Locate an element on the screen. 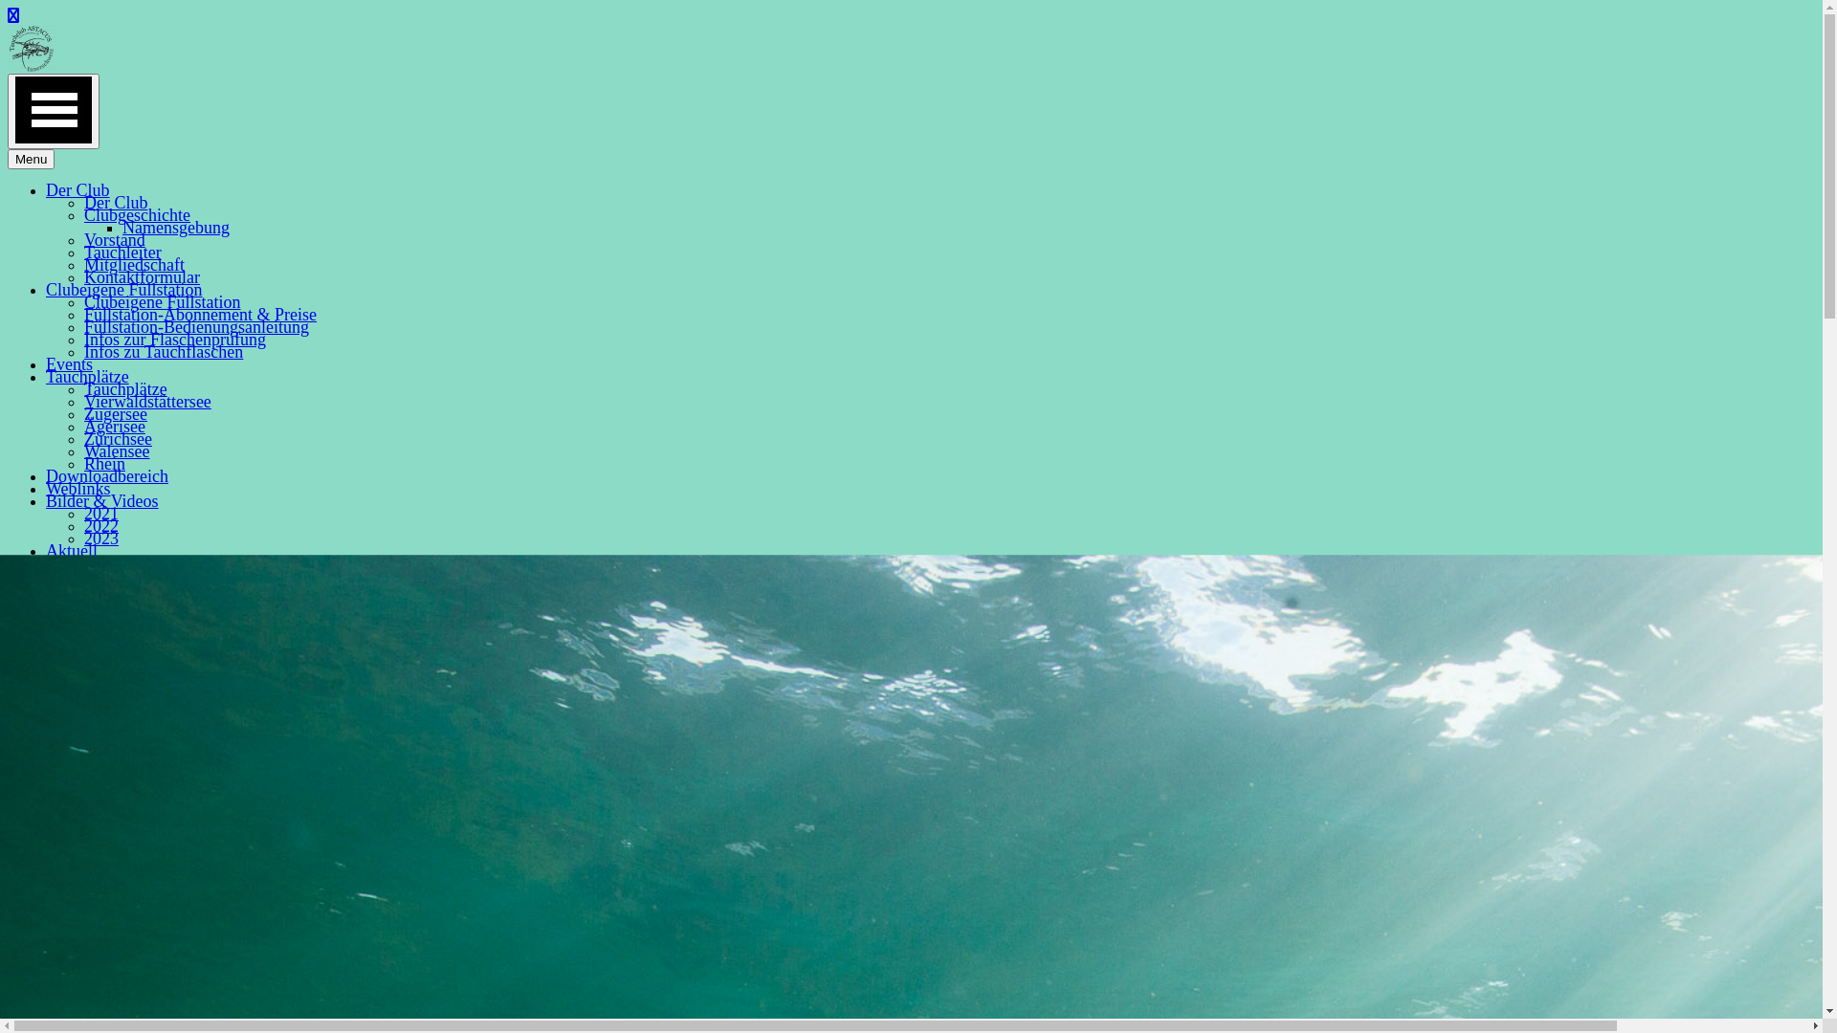 Image resolution: width=1837 pixels, height=1033 pixels. 'Downloadbereich' is located at coordinates (105, 474).